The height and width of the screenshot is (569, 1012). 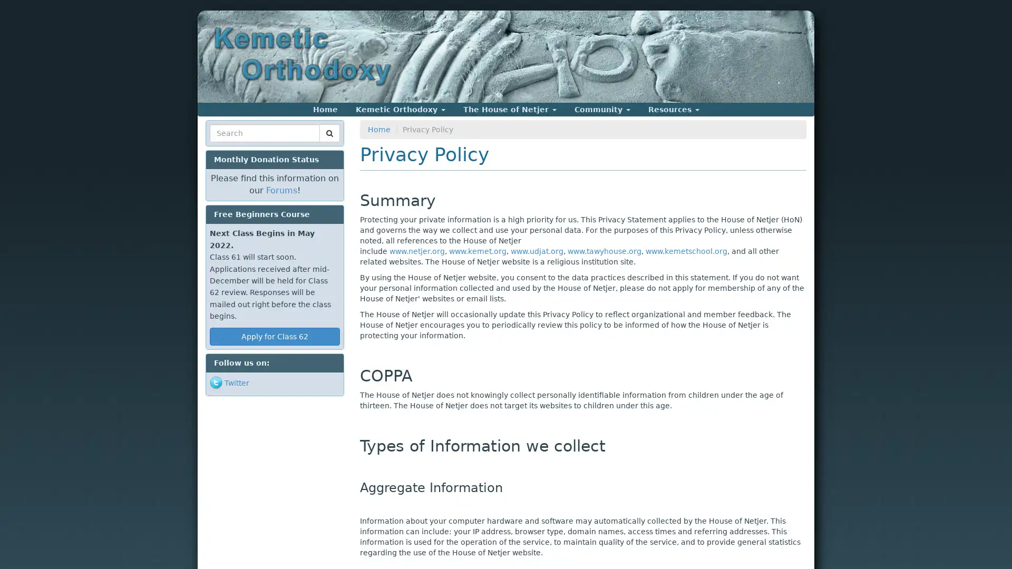 I want to click on Search, so click(x=229, y=146).